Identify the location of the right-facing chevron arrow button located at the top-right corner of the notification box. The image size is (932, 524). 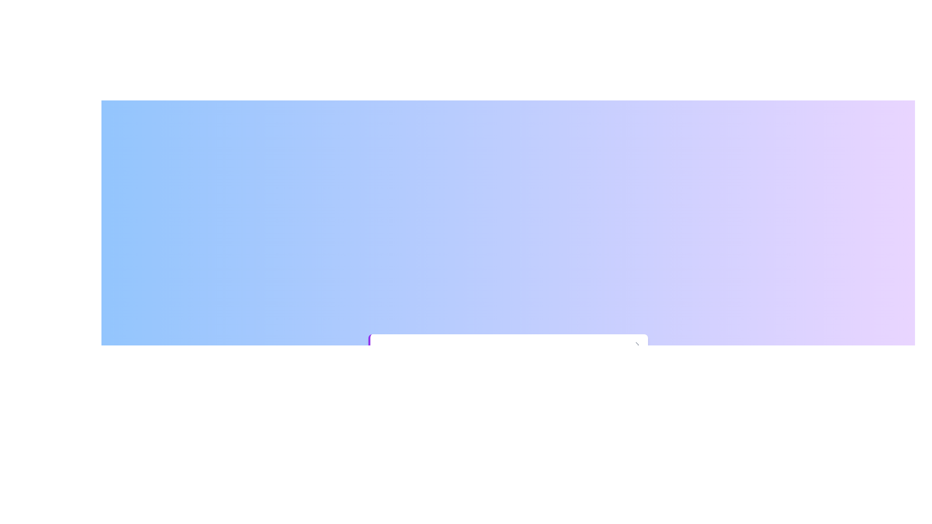
(637, 344).